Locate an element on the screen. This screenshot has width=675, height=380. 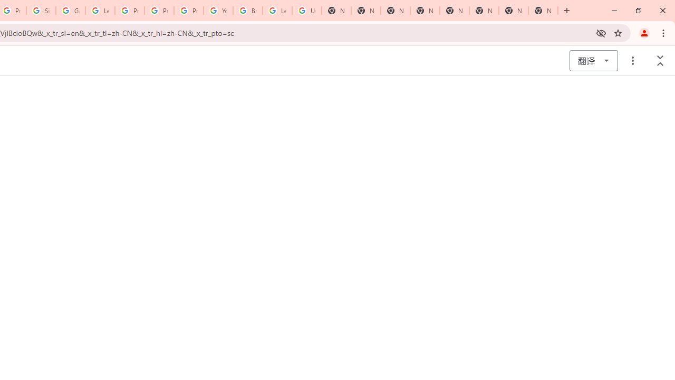
'Privacy Help Center - Policies Help' is located at coordinates (159, 11).